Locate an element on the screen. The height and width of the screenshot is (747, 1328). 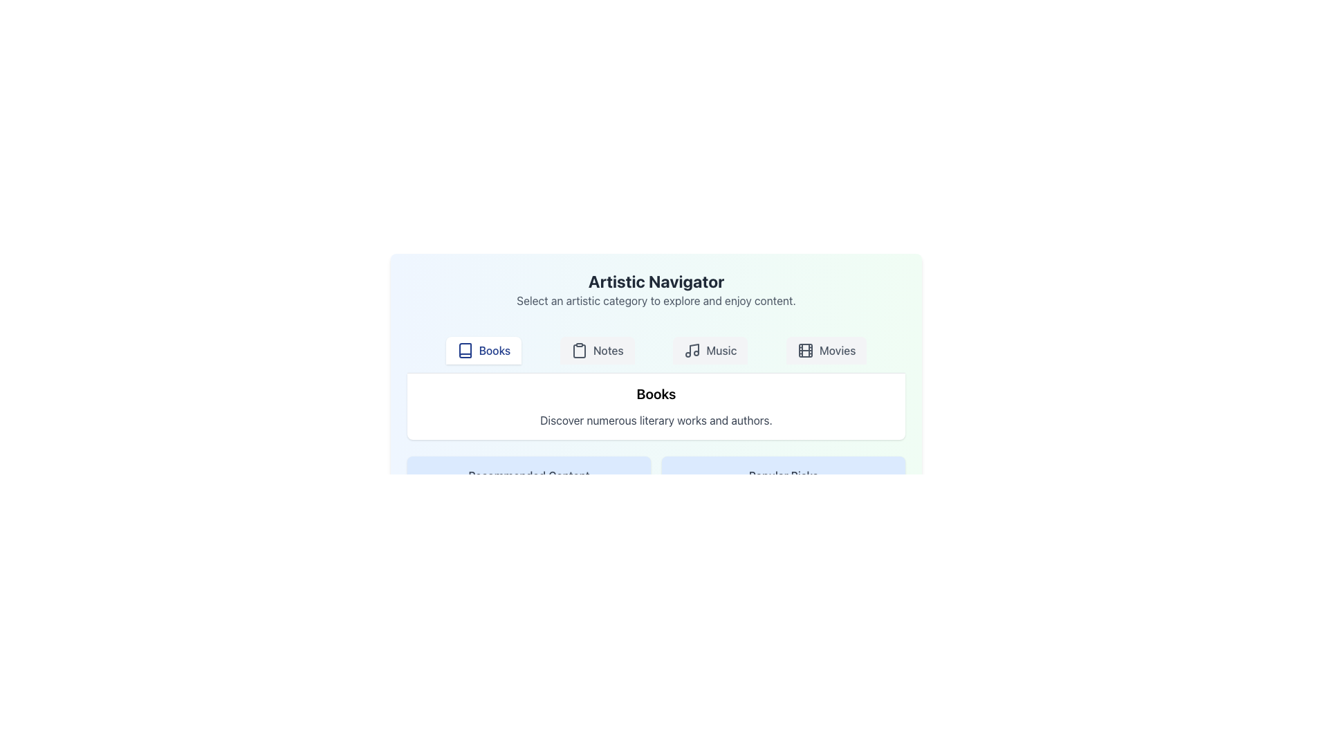
text from the 'Music' label, which is styled in medium-weight sans-serif font and is located within a button-like structure with rounded corners and a light gray background is located at coordinates (721, 349).